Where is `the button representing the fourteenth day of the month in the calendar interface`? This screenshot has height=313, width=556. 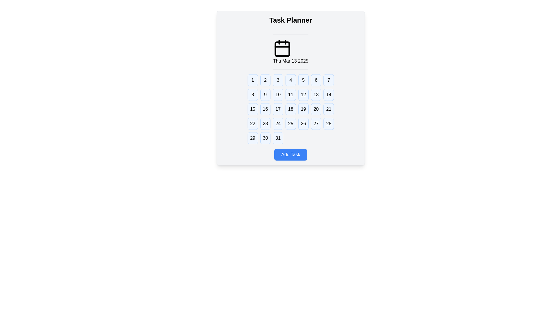 the button representing the fourteenth day of the month in the calendar interface is located at coordinates (329, 94).